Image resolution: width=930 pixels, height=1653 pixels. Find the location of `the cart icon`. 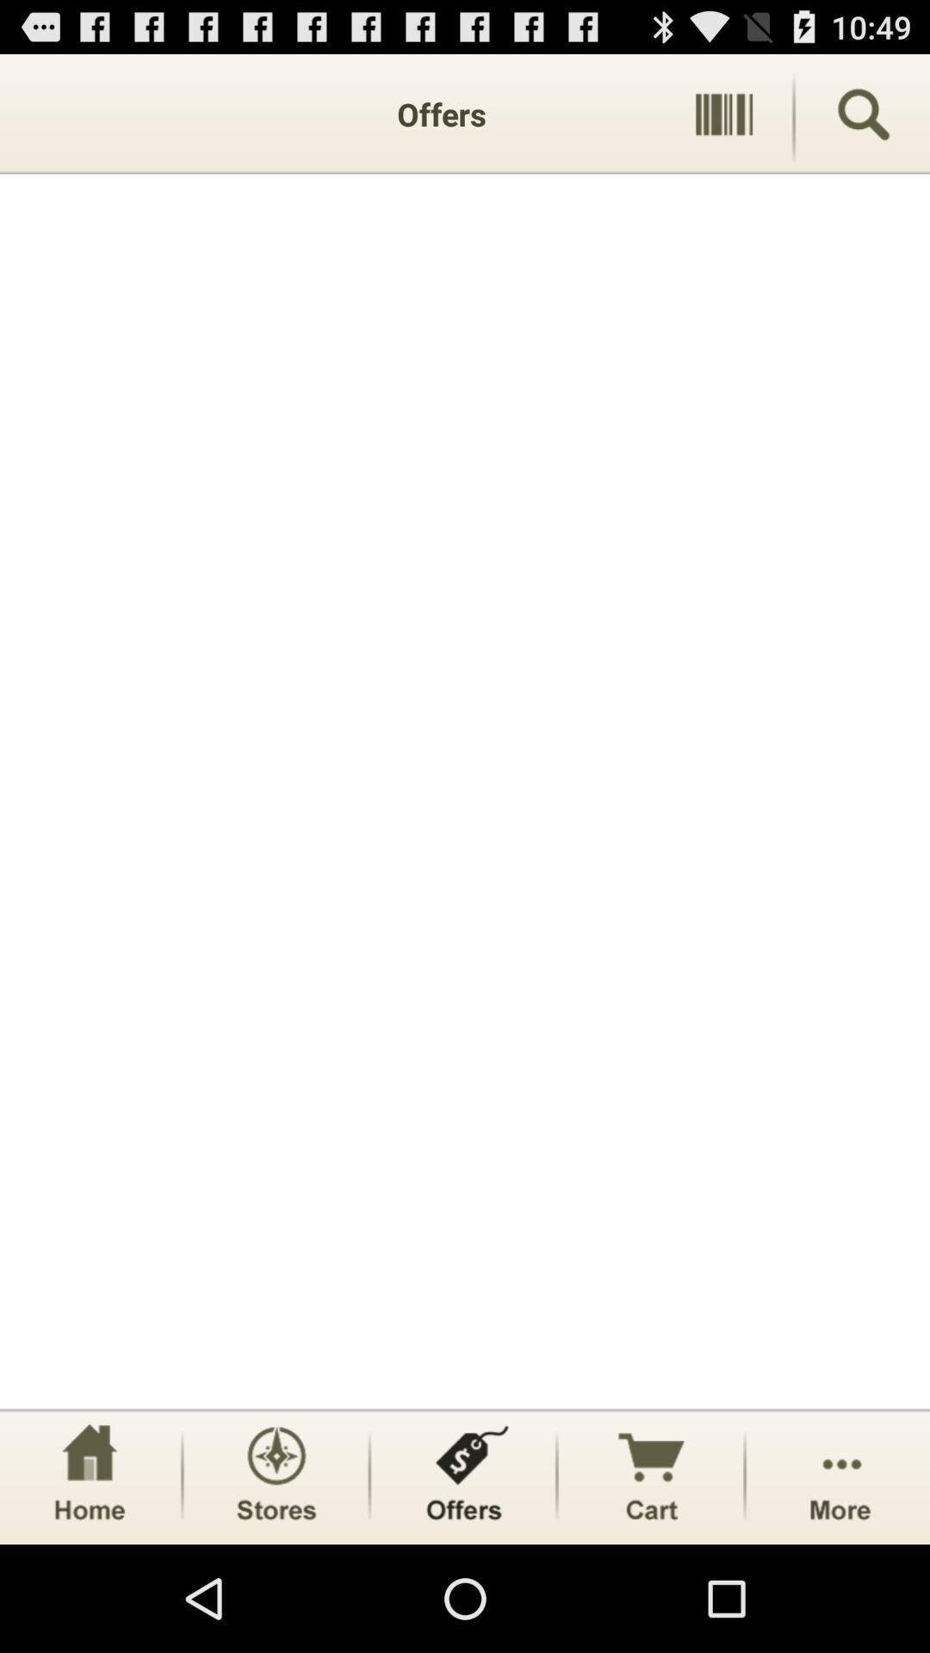

the cart icon is located at coordinates (651, 1580).